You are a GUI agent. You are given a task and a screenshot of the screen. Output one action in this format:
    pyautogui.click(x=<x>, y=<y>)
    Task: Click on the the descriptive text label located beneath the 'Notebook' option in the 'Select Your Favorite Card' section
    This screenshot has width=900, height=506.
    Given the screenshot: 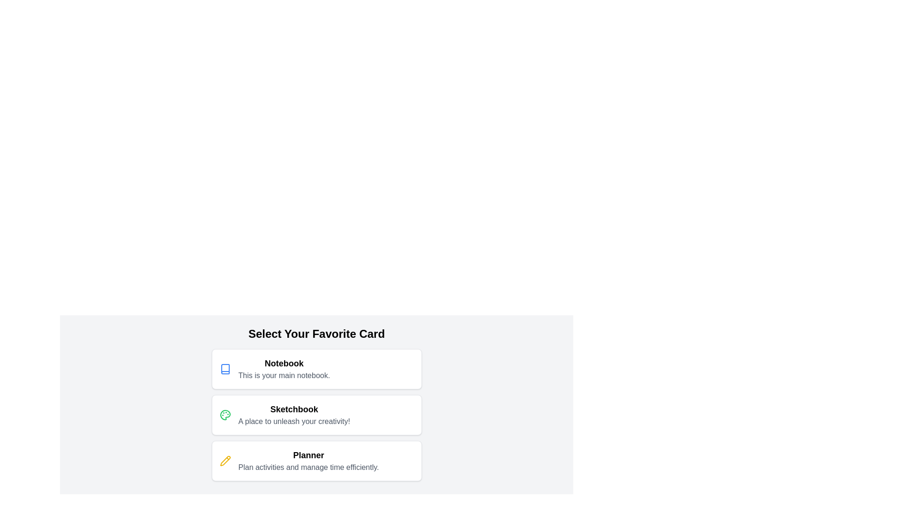 What is the action you would take?
    pyautogui.click(x=284, y=375)
    